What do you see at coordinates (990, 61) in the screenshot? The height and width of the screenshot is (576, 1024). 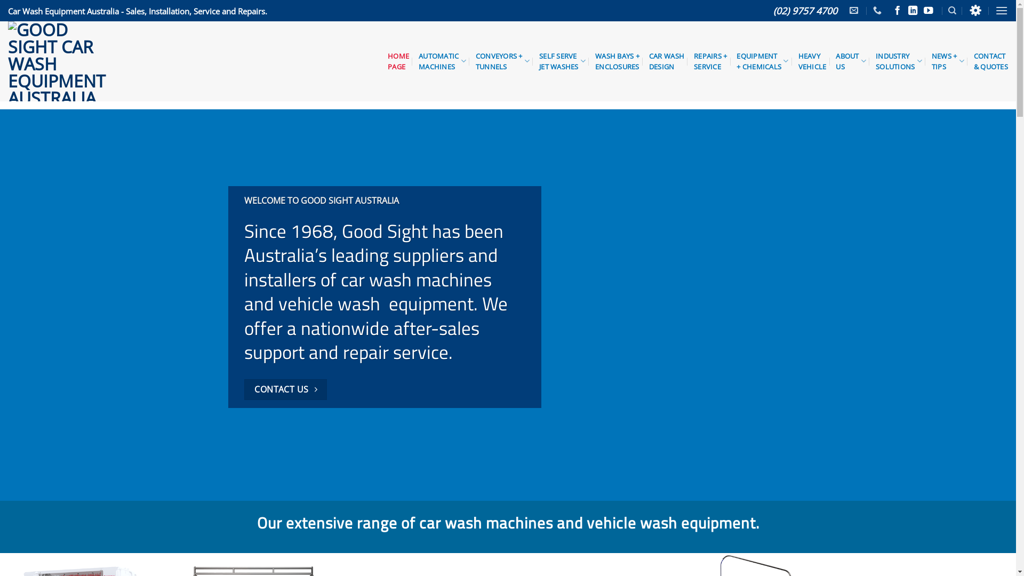 I see `'CONTACT` at bounding box center [990, 61].